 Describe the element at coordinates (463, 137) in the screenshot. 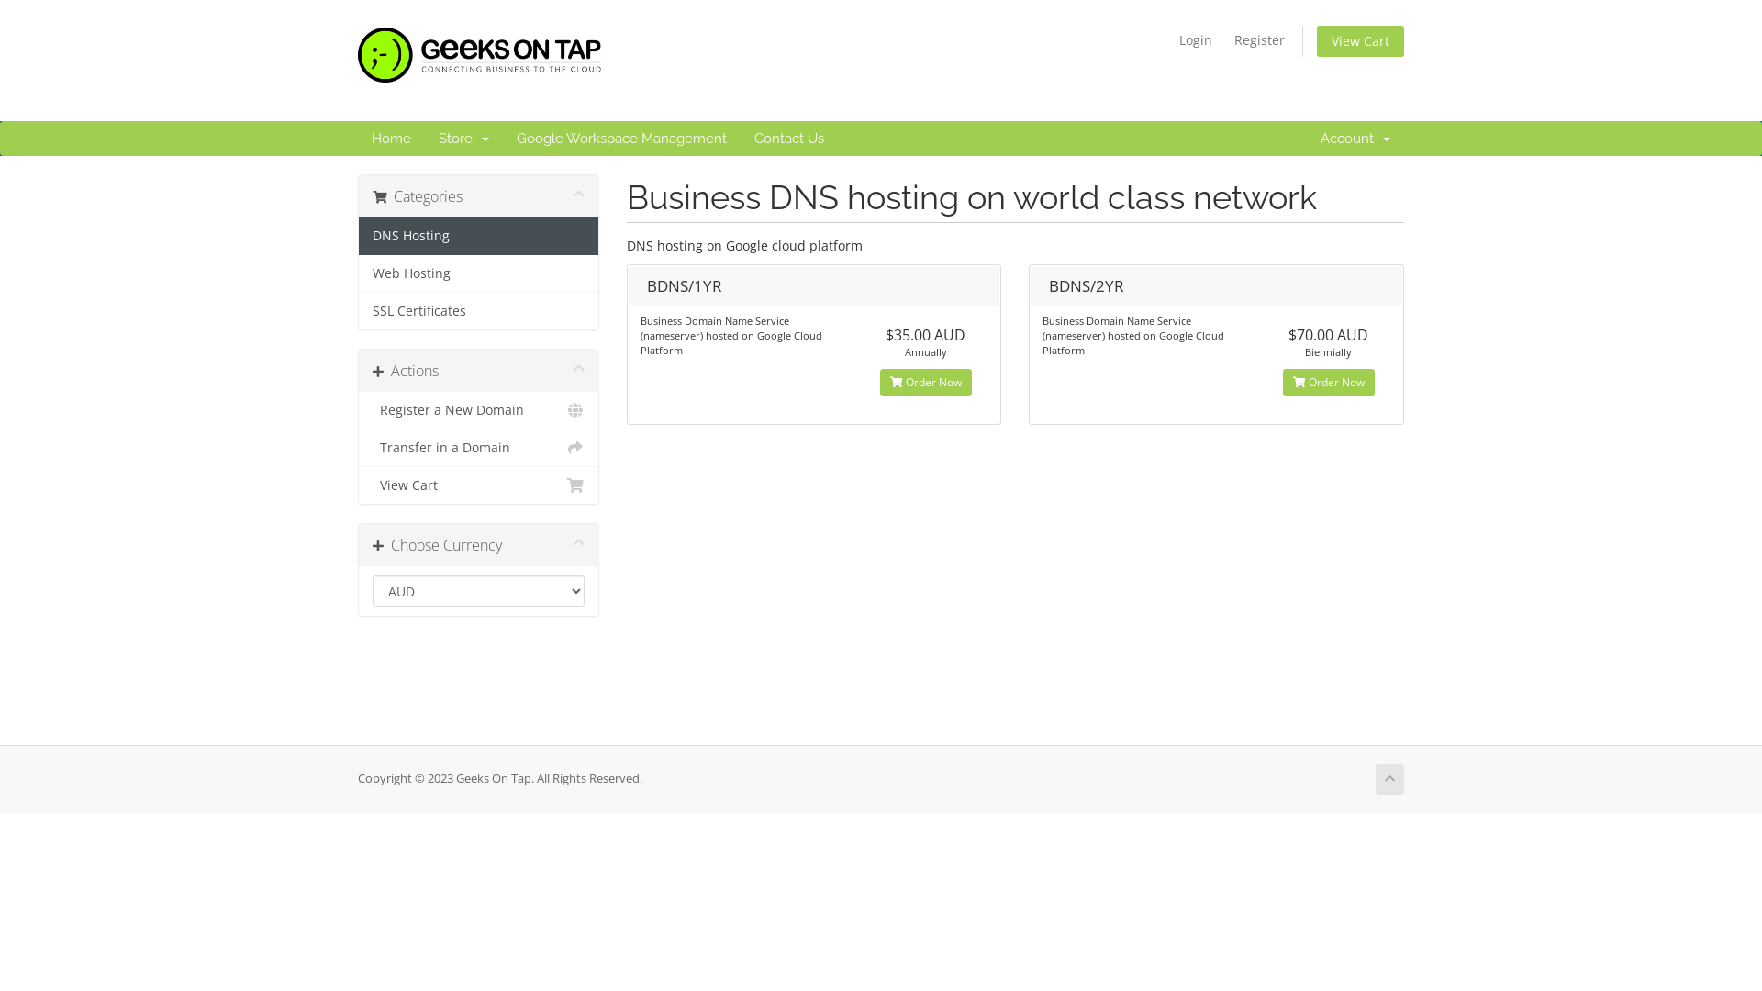

I see `'Store  '` at that location.